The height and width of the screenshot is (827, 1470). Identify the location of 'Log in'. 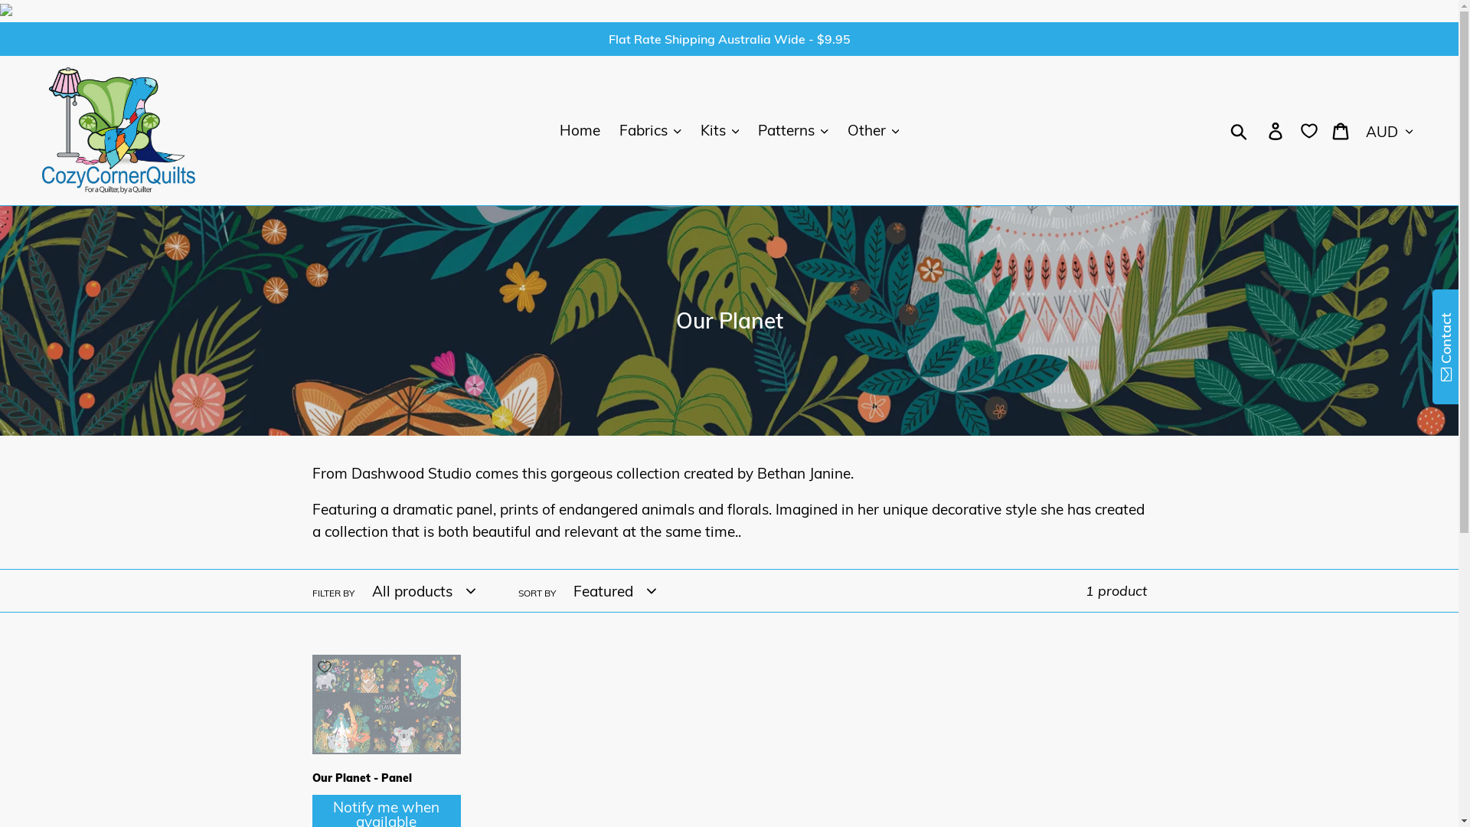
(1276, 129).